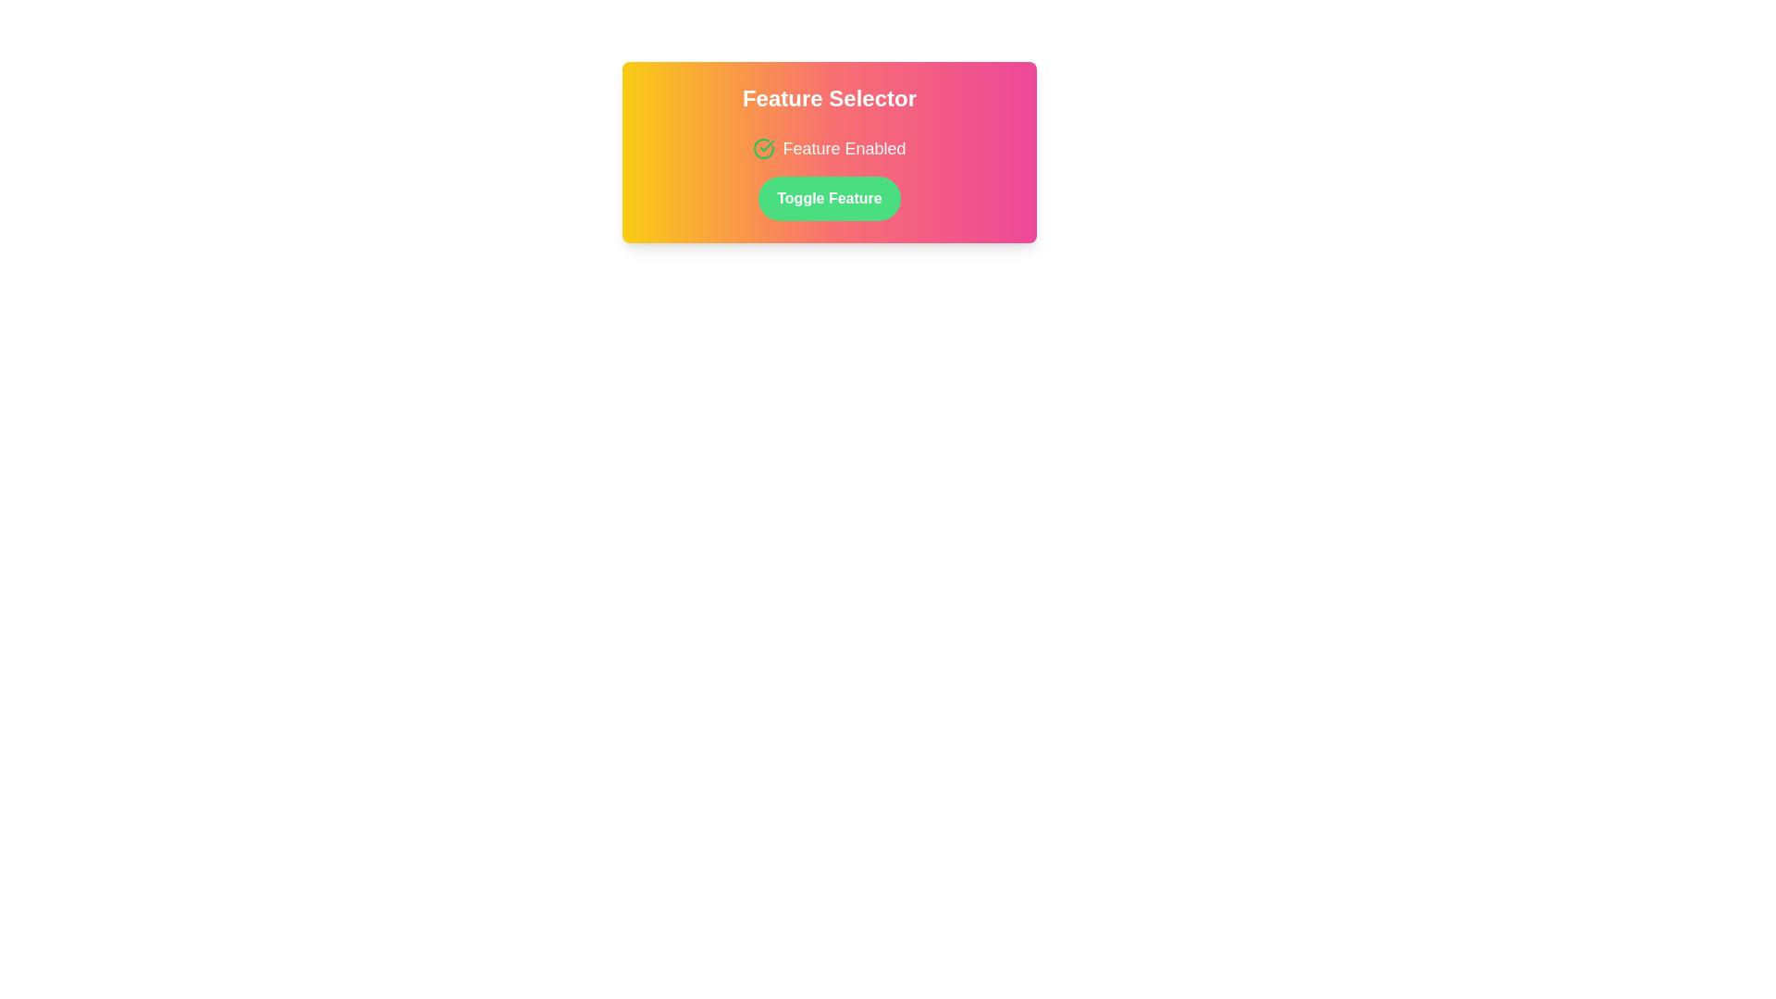 The width and height of the screenshot is (1776, 999). What do you see at coordinates (829, 148) in the screenshot?
I see `the informational label indicating that the feature is currently enabled, which is positioned below the title 'Feature Selector' and above the green button labeled 'Toggle Feature'` at bounding box center [829, 148].